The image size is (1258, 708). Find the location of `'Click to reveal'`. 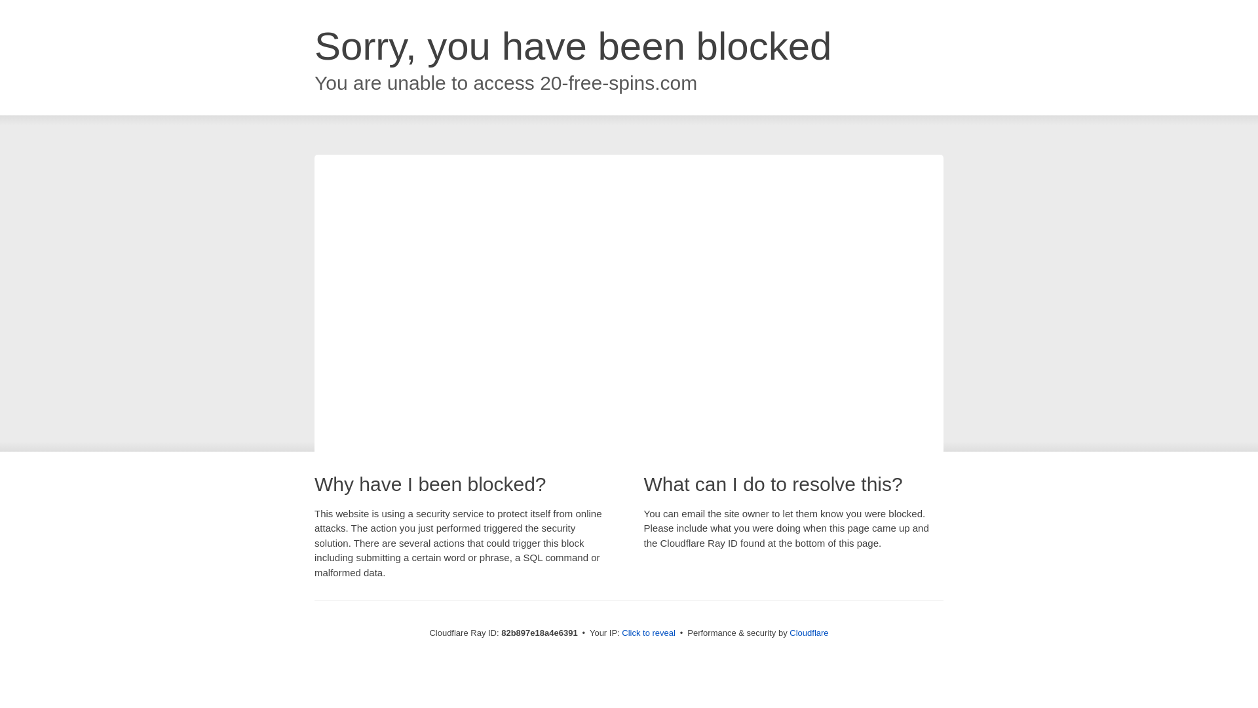

'Click to reveal' is located at coordinates (648, 632).